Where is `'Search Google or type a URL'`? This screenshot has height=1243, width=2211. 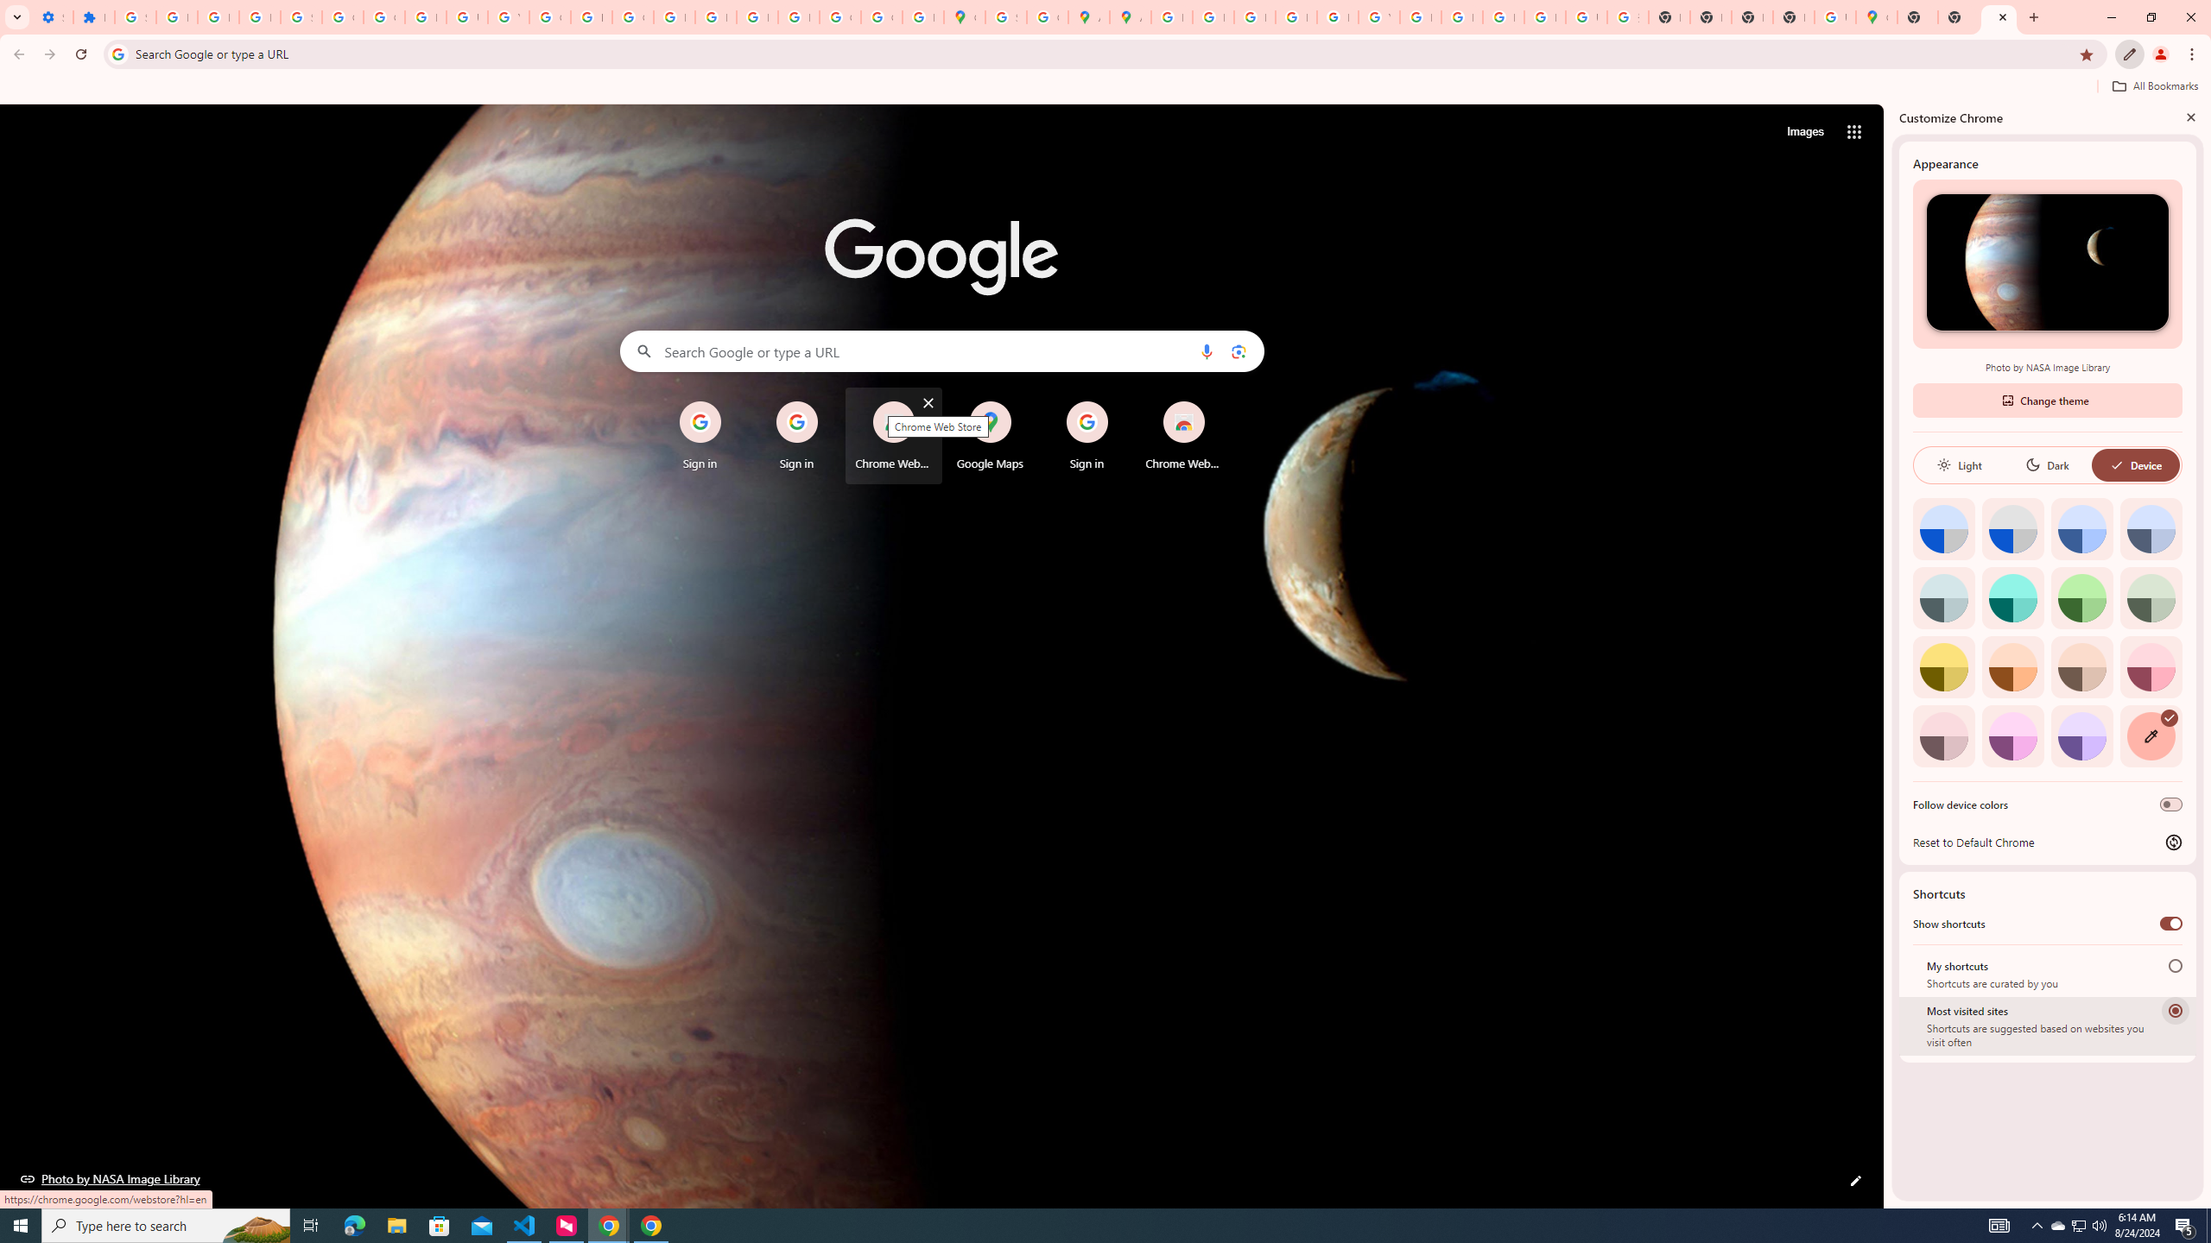
'Search Google or type a URL' is located at coordinates (941, 350).